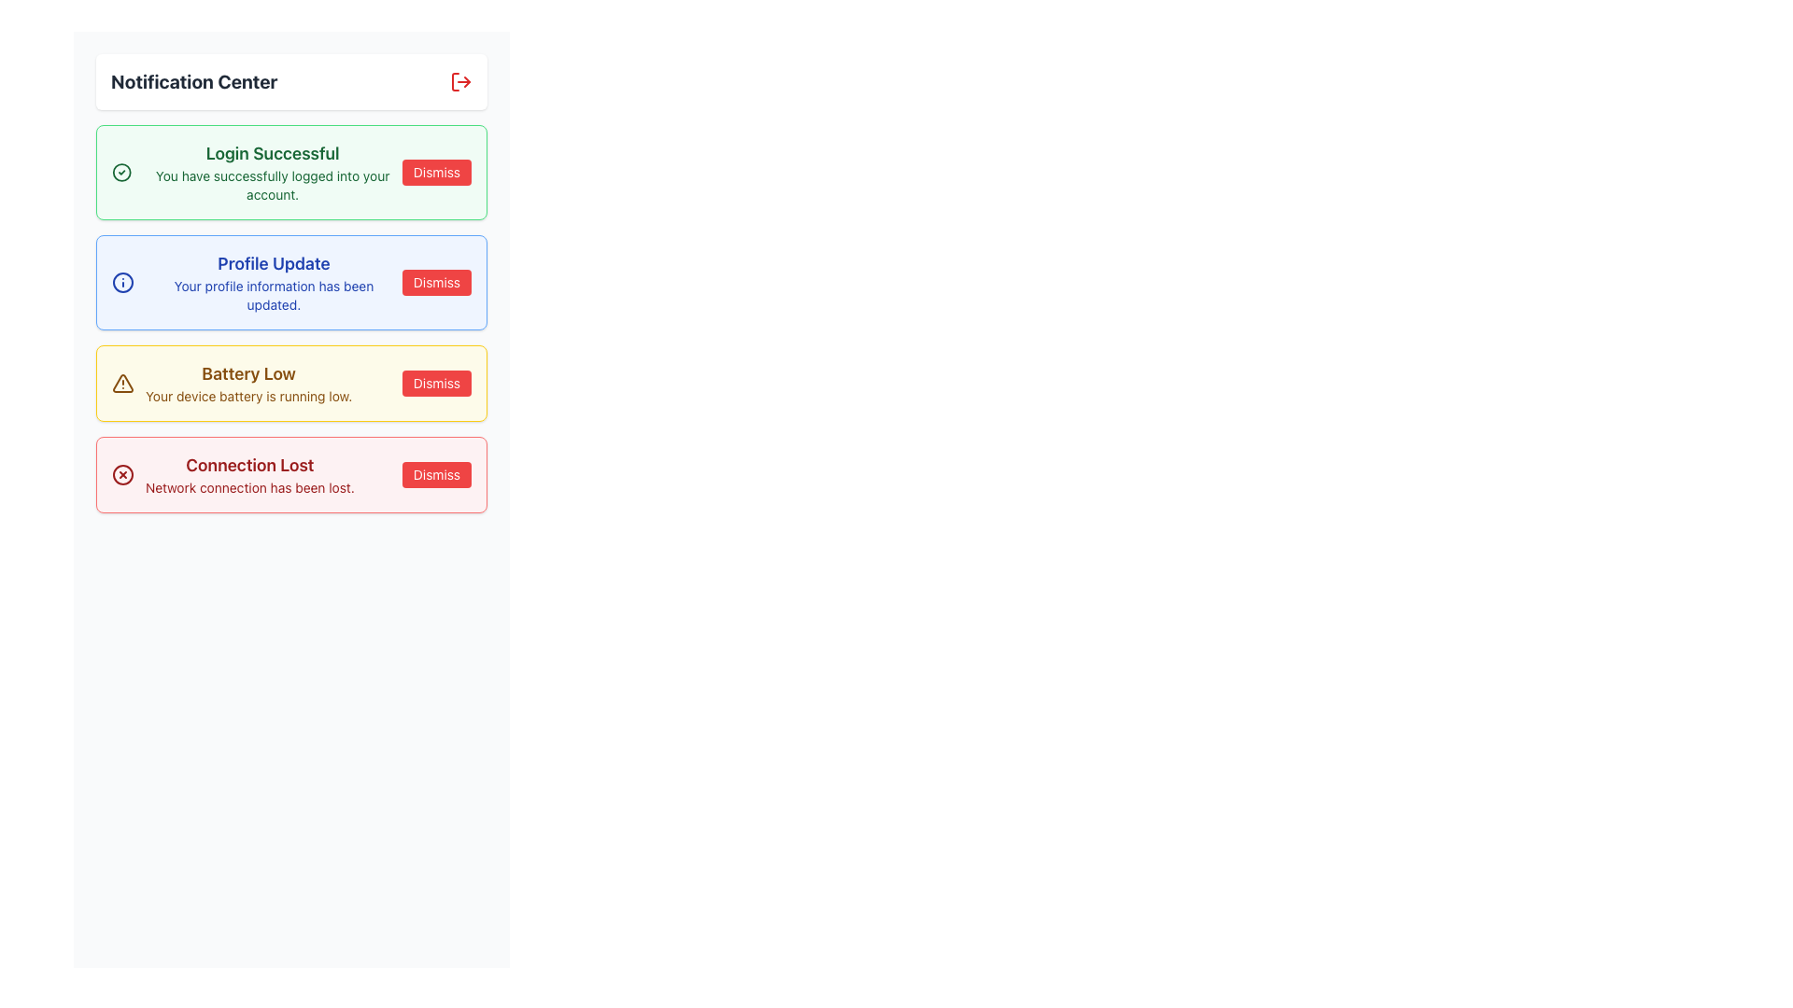 This screenshot has width=1793, height=1008. Describe the element at coordinates (248, 487) in the screenshot. I see `the text message 'Network connection has been lost.' in red, located beneath 'Connection Lost' in the last notification card` at that location.